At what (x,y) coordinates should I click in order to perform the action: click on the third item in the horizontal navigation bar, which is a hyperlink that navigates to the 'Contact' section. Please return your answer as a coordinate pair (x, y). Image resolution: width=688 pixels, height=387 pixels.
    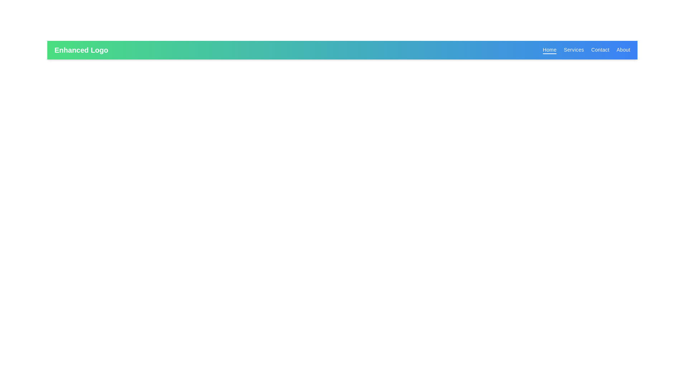
    Looking at the image, I should click on (600, 49).